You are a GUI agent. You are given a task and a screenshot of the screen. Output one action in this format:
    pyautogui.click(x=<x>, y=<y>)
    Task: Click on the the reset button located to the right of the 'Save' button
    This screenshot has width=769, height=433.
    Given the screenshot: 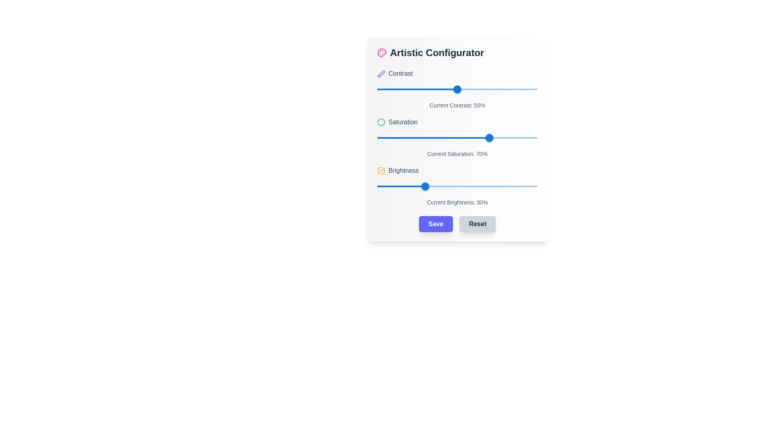 What is the action you would take?
    pyautogui.click(x=477, y=224)
    